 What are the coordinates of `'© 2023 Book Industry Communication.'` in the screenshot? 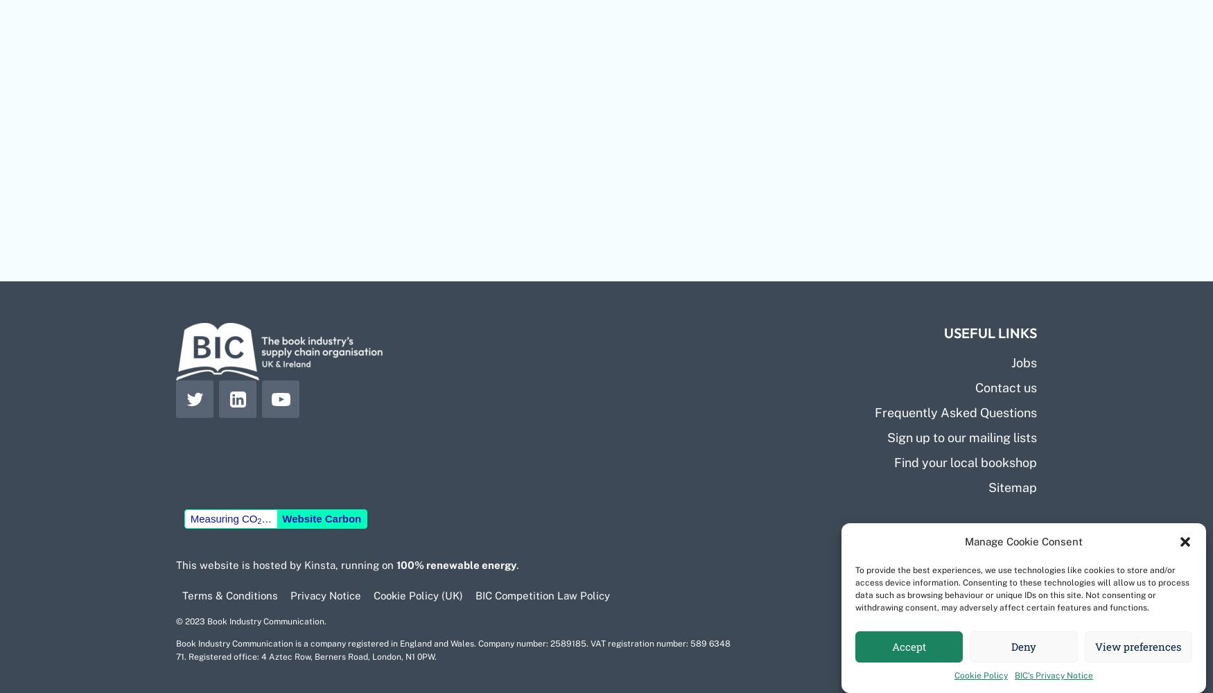 It's located at (251, 622).